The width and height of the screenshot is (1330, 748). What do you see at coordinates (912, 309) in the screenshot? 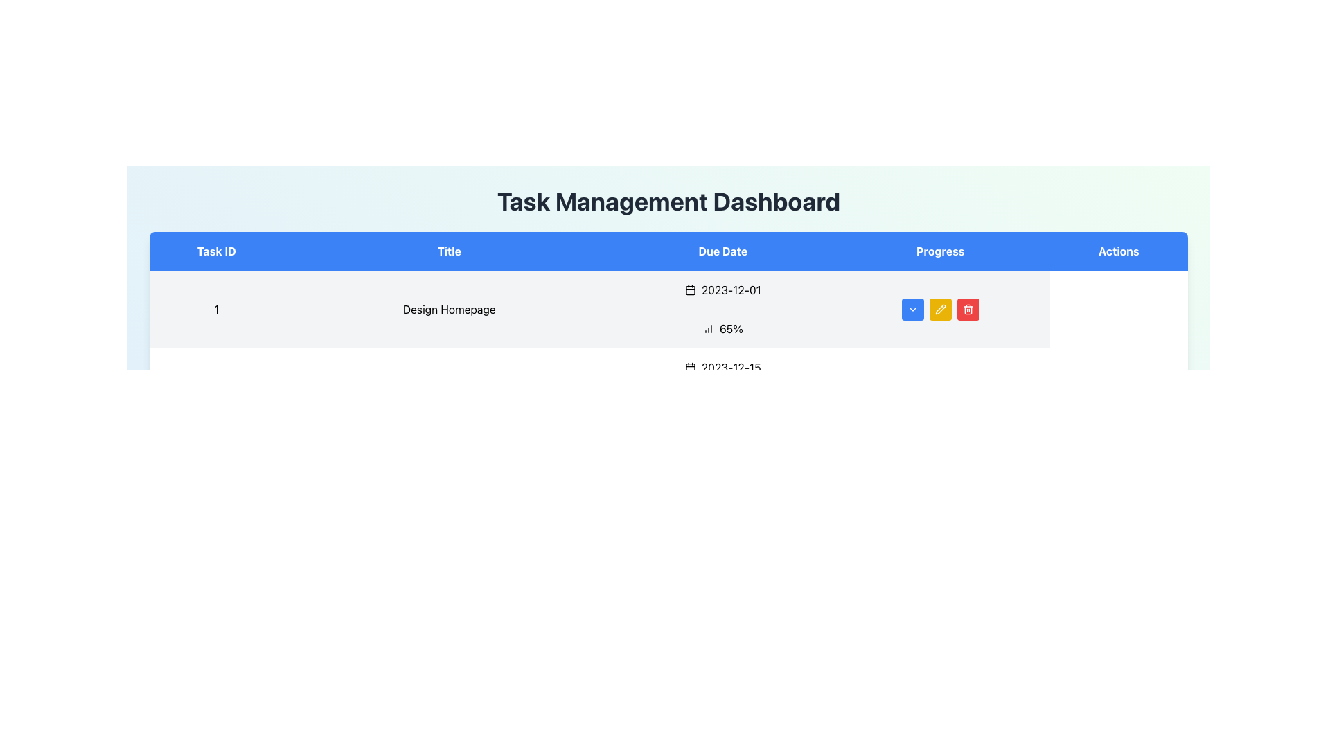
I see `the dropdown indicator icon in the 'Actions' column of the 'Task Management Dashboard', which is part of a button with a blue background and rounded corners` at bounding box center [912, 309].